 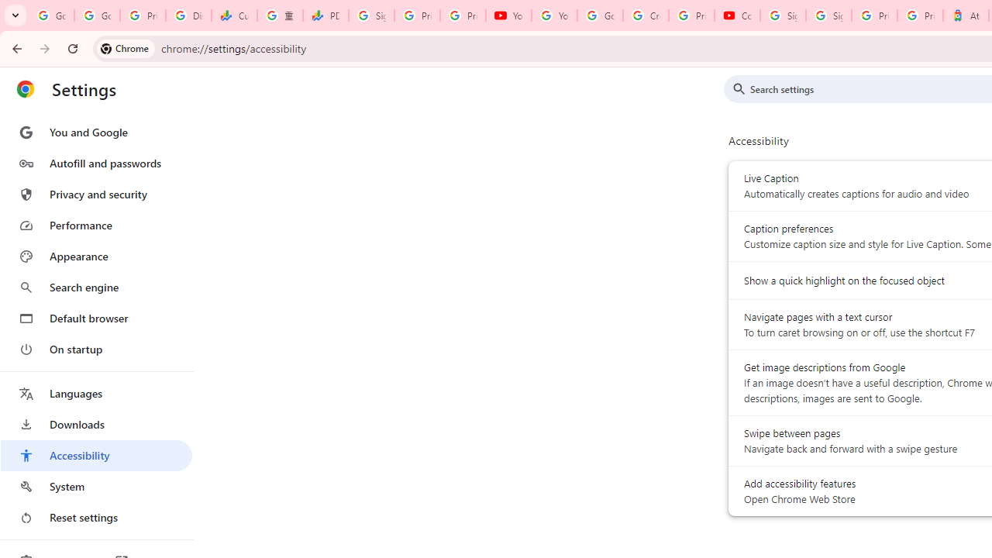 What do you see at coordinates (95, 350) in the screenshot?
I see `'On startup'` at bounding box center [95, 350].